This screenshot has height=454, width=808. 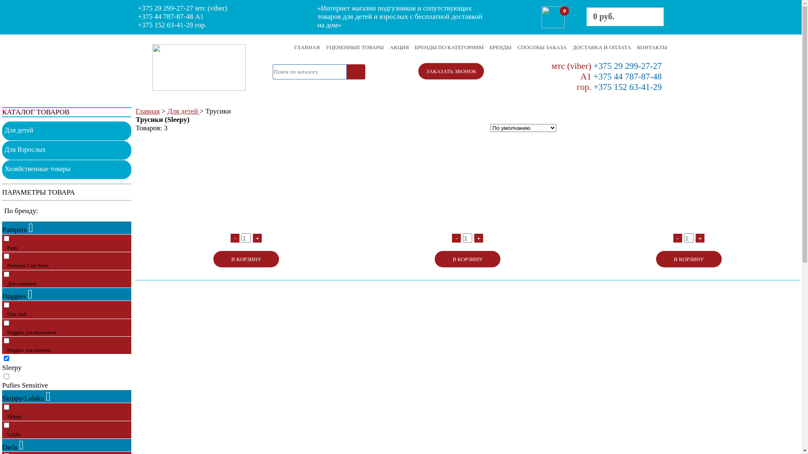 I want to click on '-', so click(x=672, y=238).